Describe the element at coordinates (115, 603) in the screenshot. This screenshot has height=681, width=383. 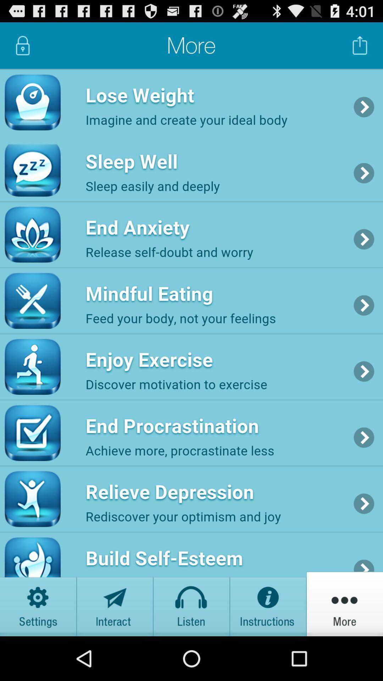
I see `interact option` at that location.